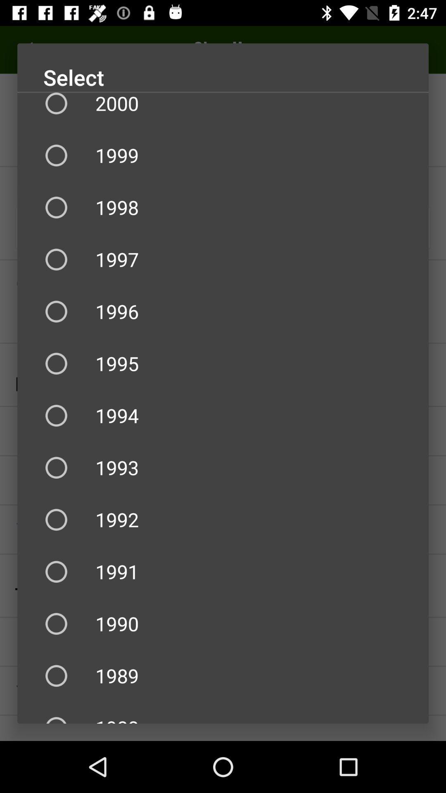 This screenshot has width=446, height=793. I want to click on the icon above 1988 icon, so click(223, 676).